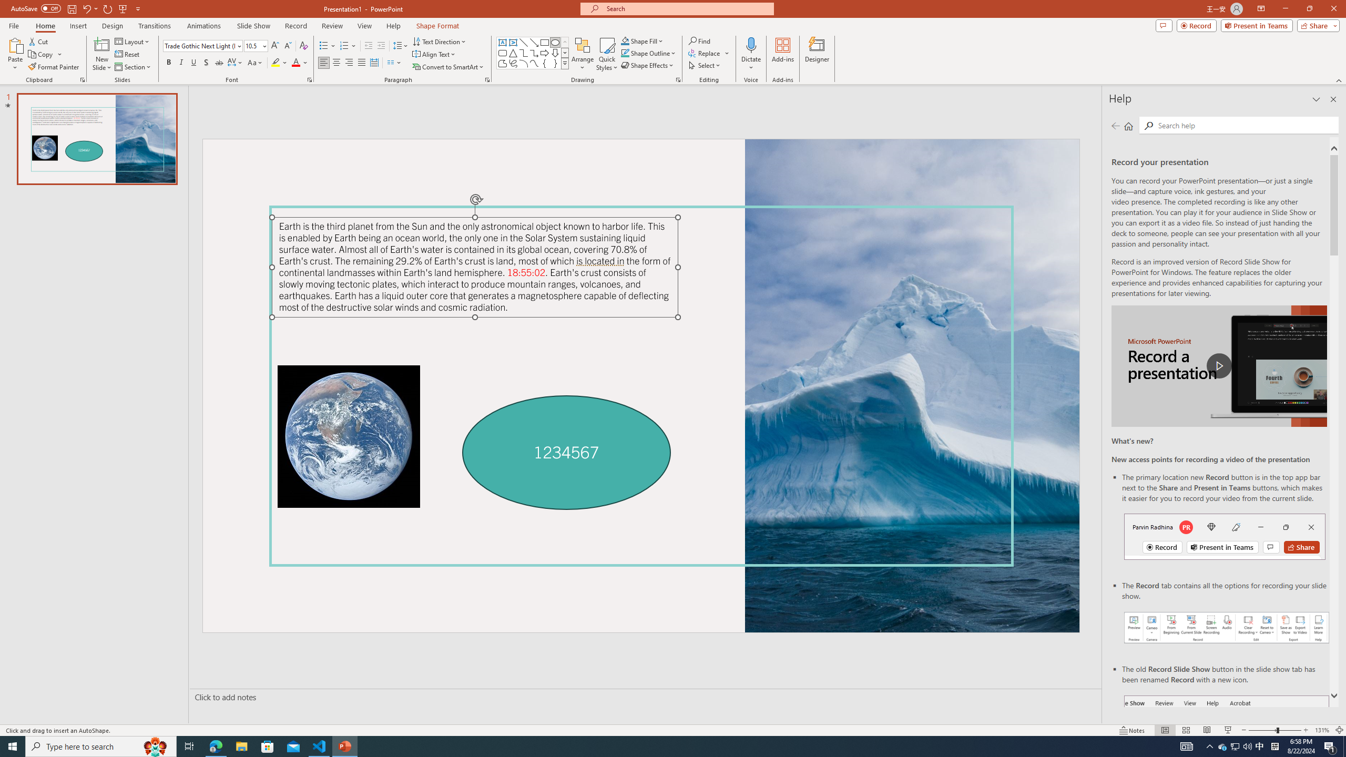 The height and width of the screenshot is (757, 1346). What do you see at coordinates (1226, 627) in the screenshot?
I see `'Record your presentations screenshot one'` at bounding box center [1226, 627].